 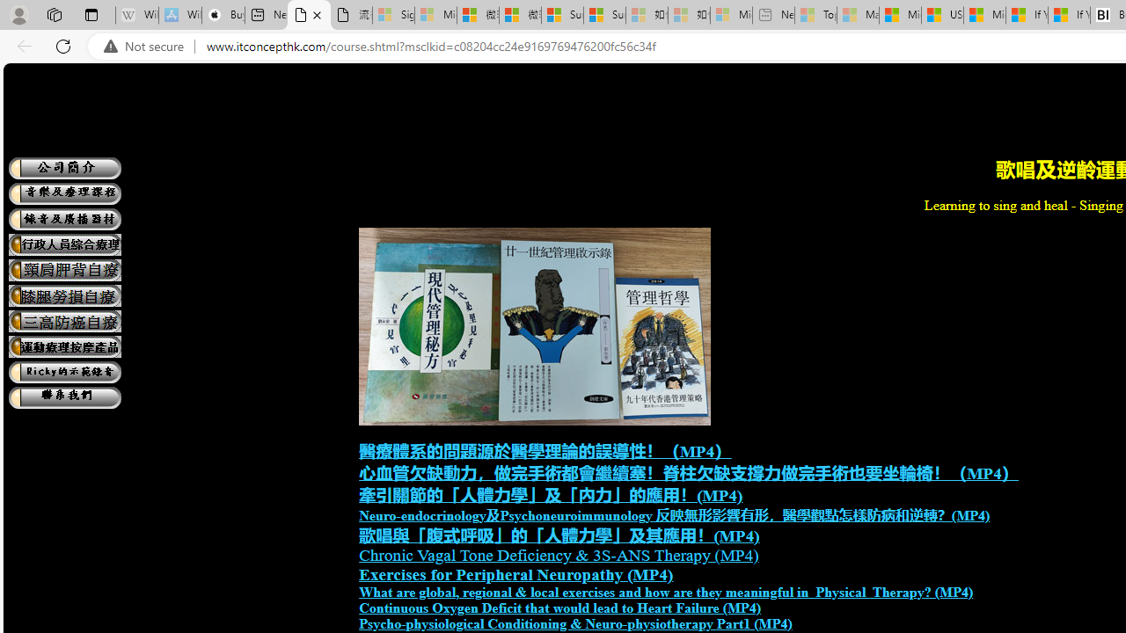 What do you see at coordinates (392, 15) in the screenshot?
I see `'Sign in to your Microsoft account - Sleeping'` at bounding box center [392, 15].